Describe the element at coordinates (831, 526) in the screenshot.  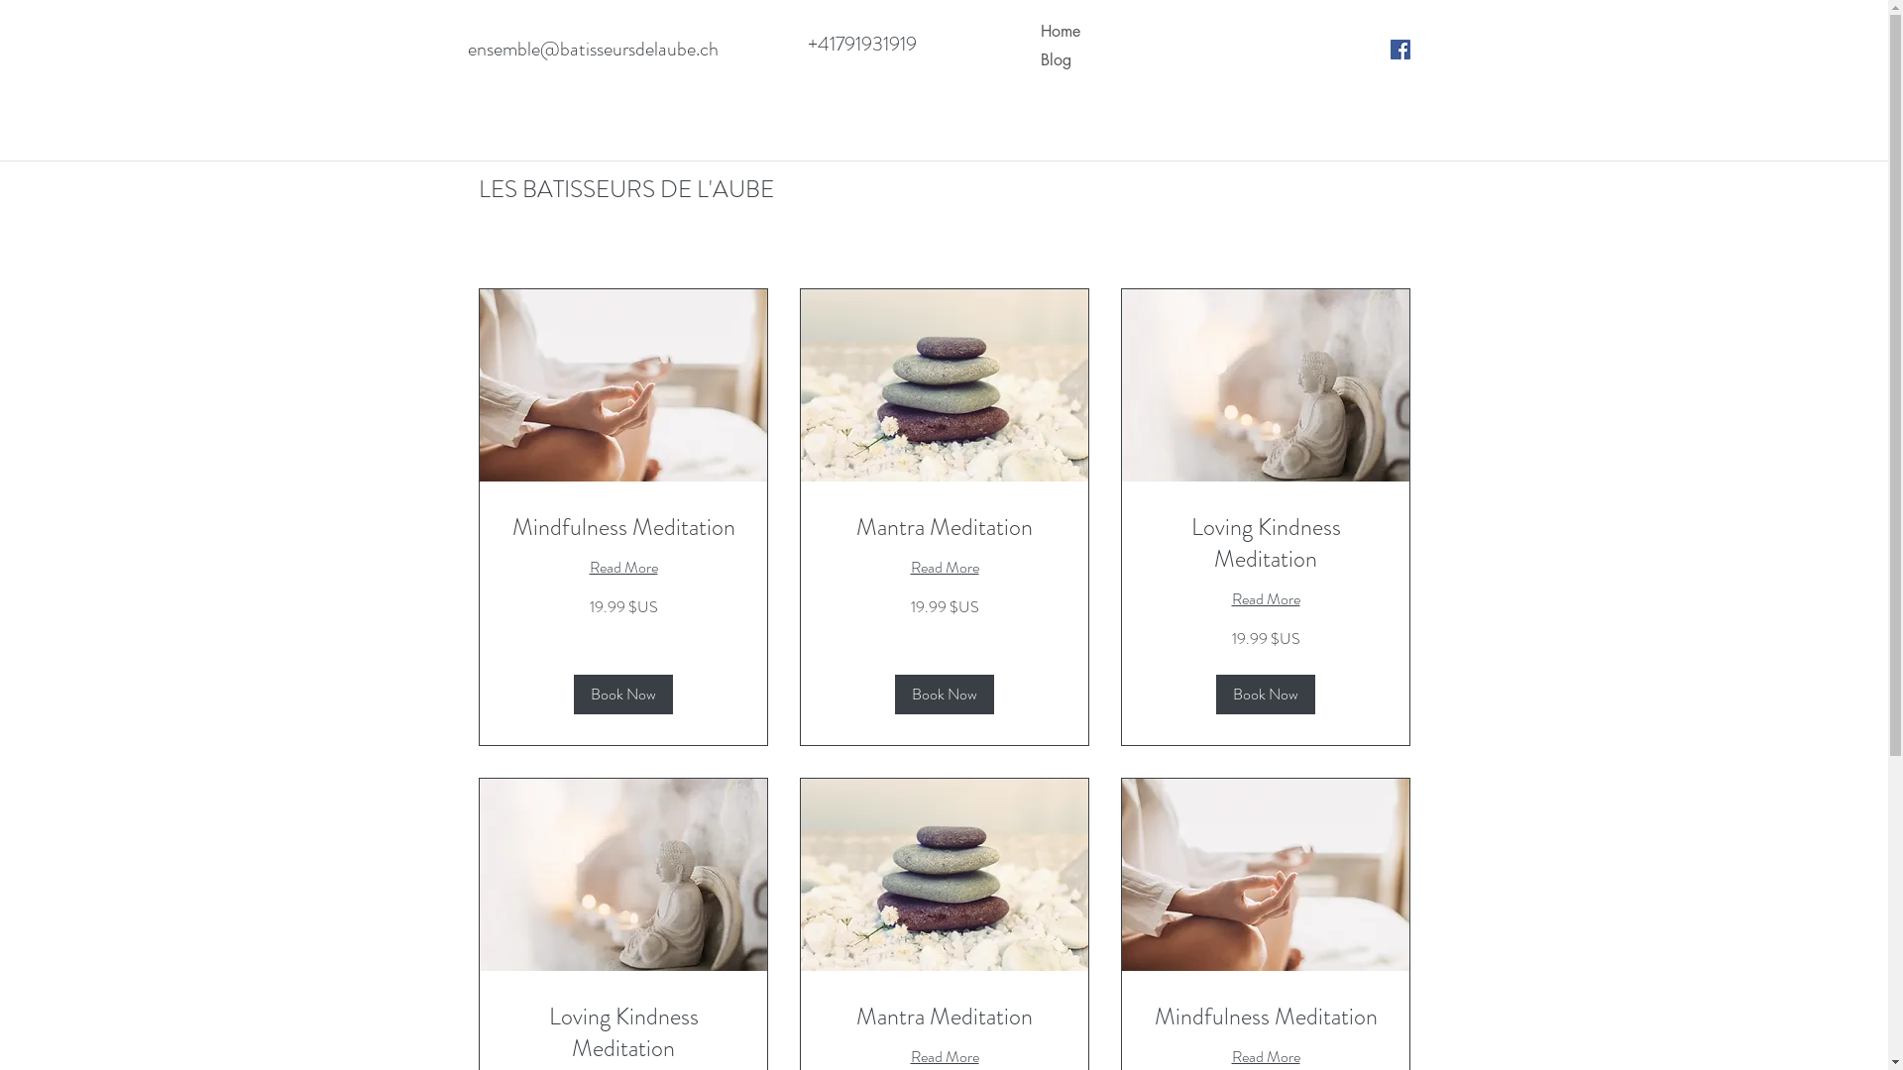
I see `'Mantra Meditation'` at that location.